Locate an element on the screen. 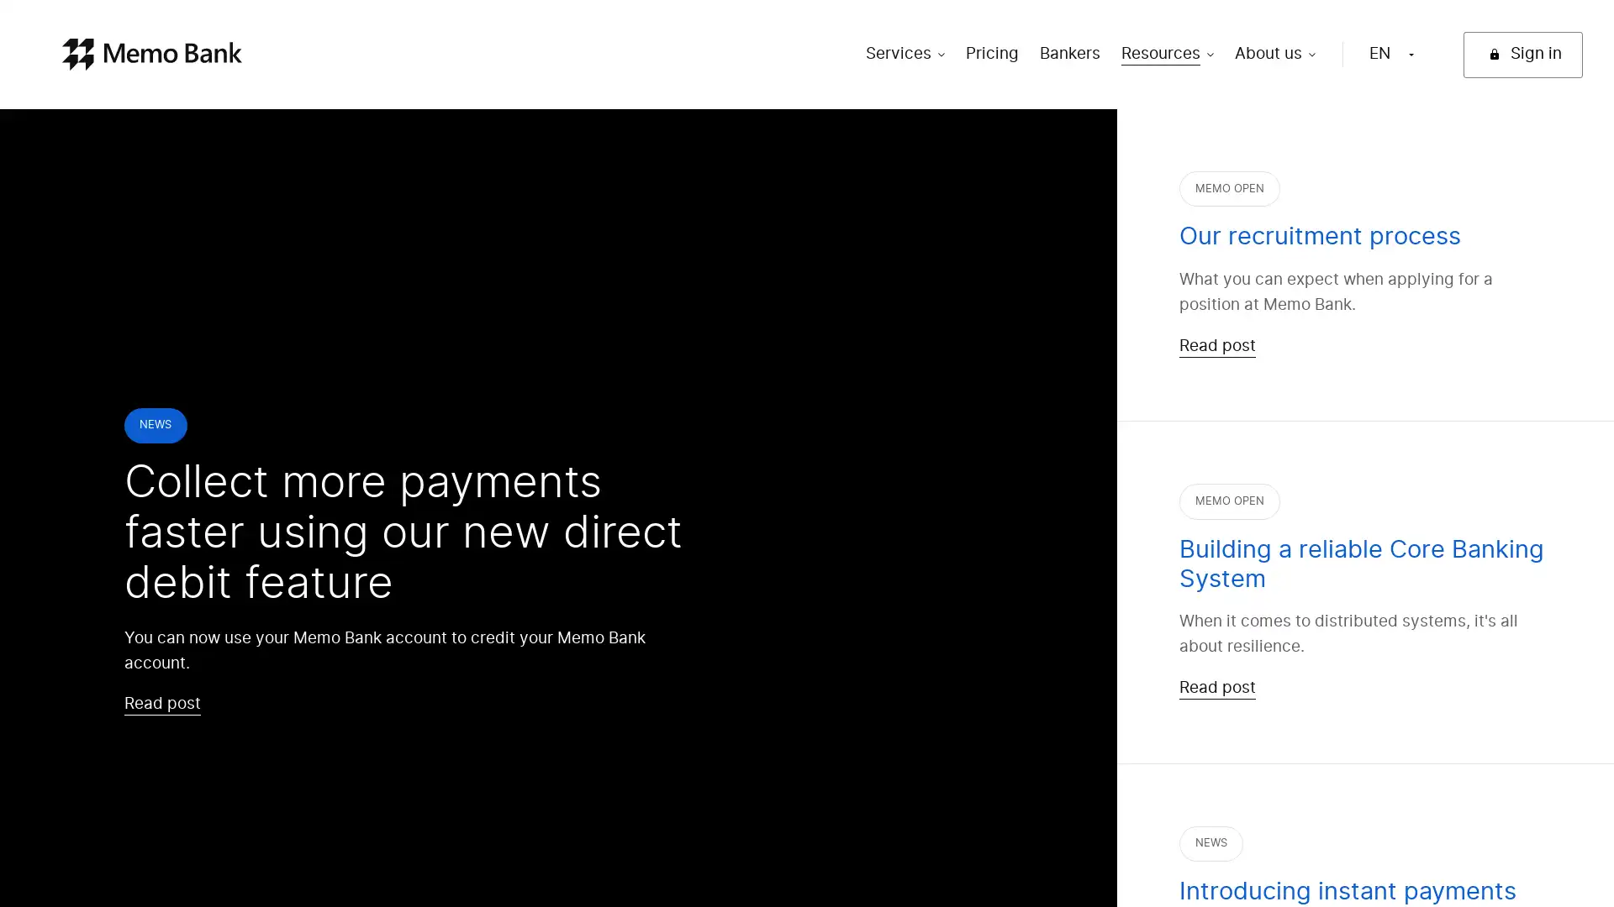 This screenshot has height=907, width=1614. OK! is located at coordinates (282, 821).